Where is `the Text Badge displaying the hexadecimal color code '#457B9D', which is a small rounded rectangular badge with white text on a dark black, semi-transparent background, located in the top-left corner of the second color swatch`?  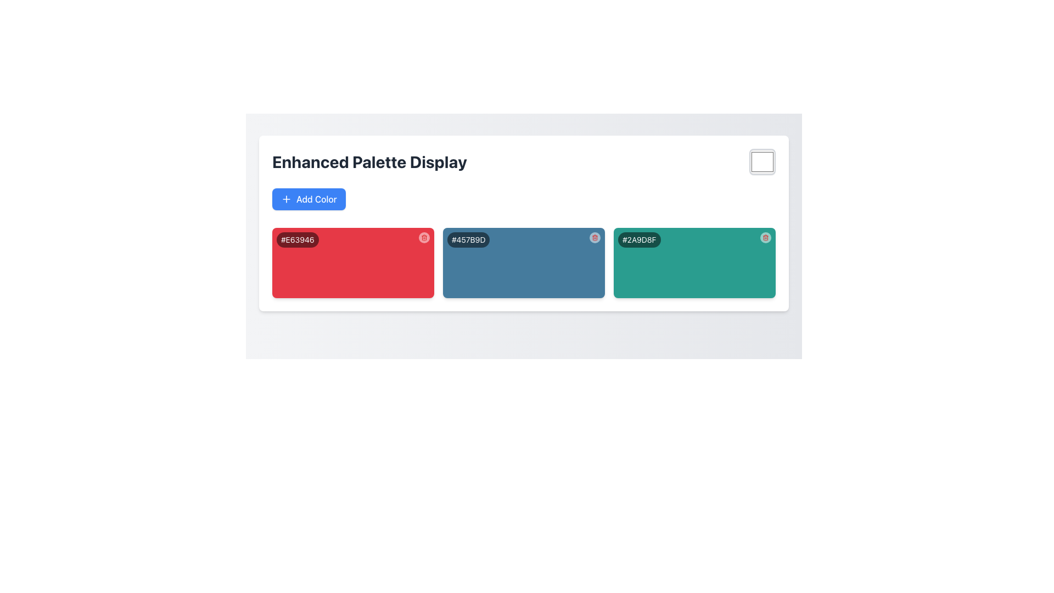
the Text Badge displaying the hexadecimal color code '#457B9D', which is a small rounded rectangular badge with white text on a dark black, semi-transparent background, located in the top-left corner of the second color swatch is located at coordinates (468, 239).